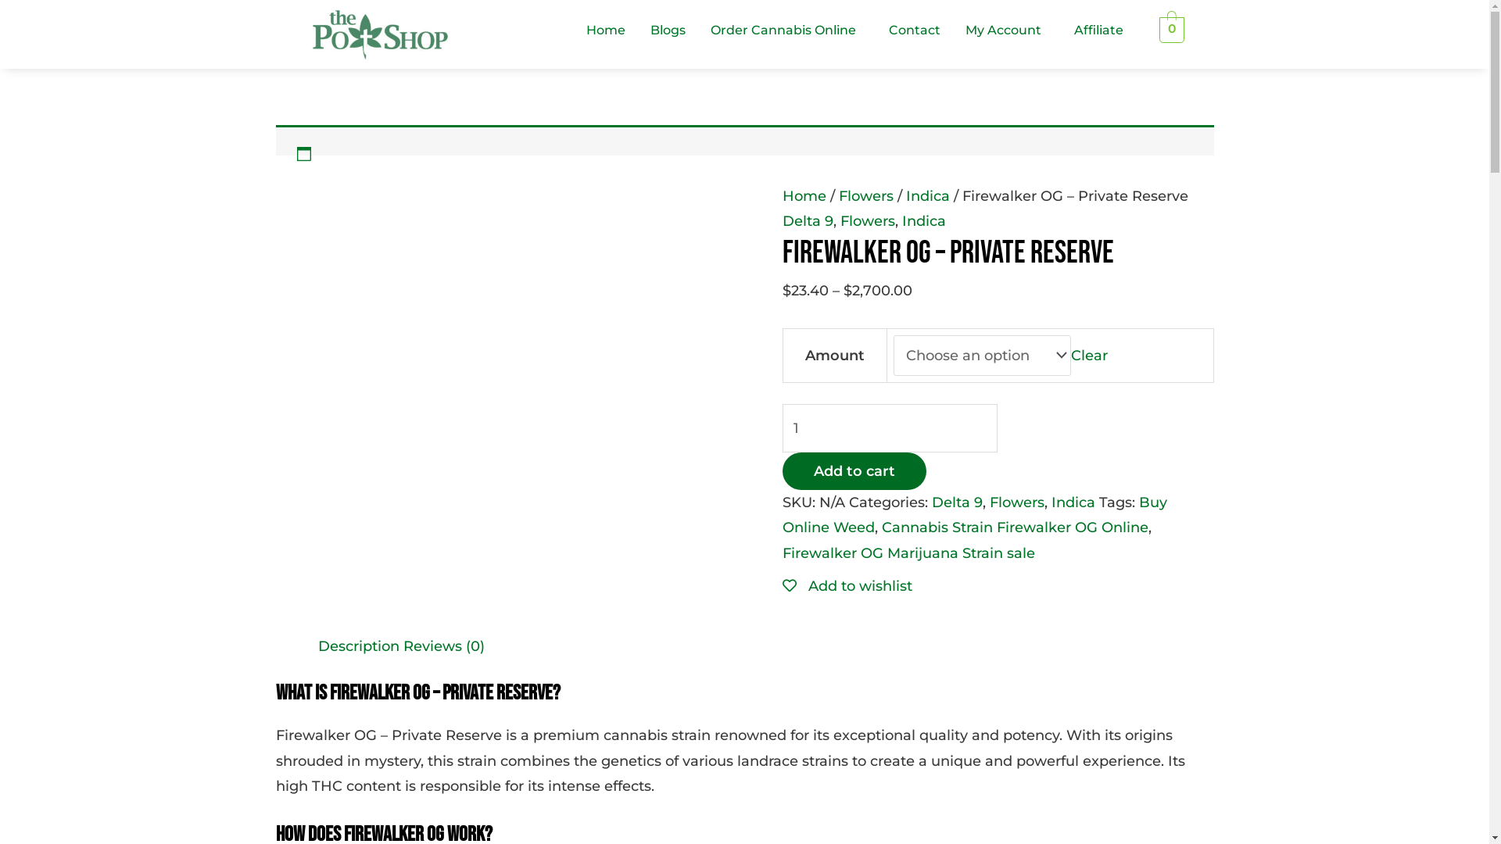 Image resolution: width=1501 pixels, height=844 pixels. Describe the element at coordinates (1072, 502) in the screenshot. I see `'Indica'` at that location.